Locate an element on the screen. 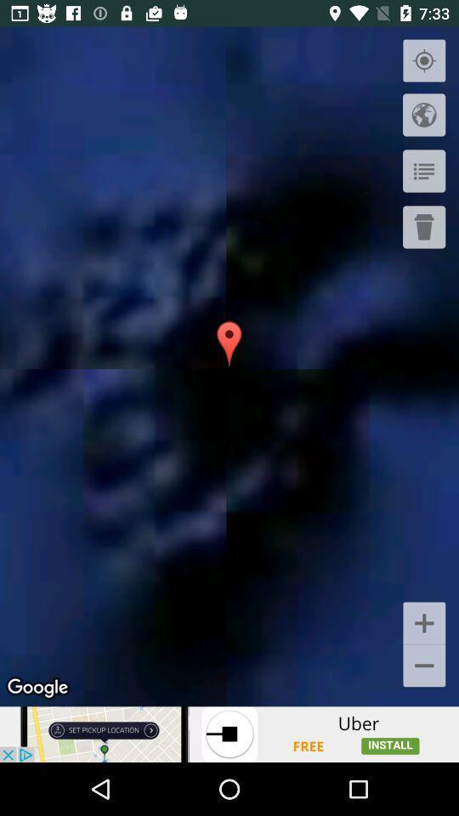 The height and width of the screenshot is (816, 459). the delete icon is located at coordinates (423, 226).